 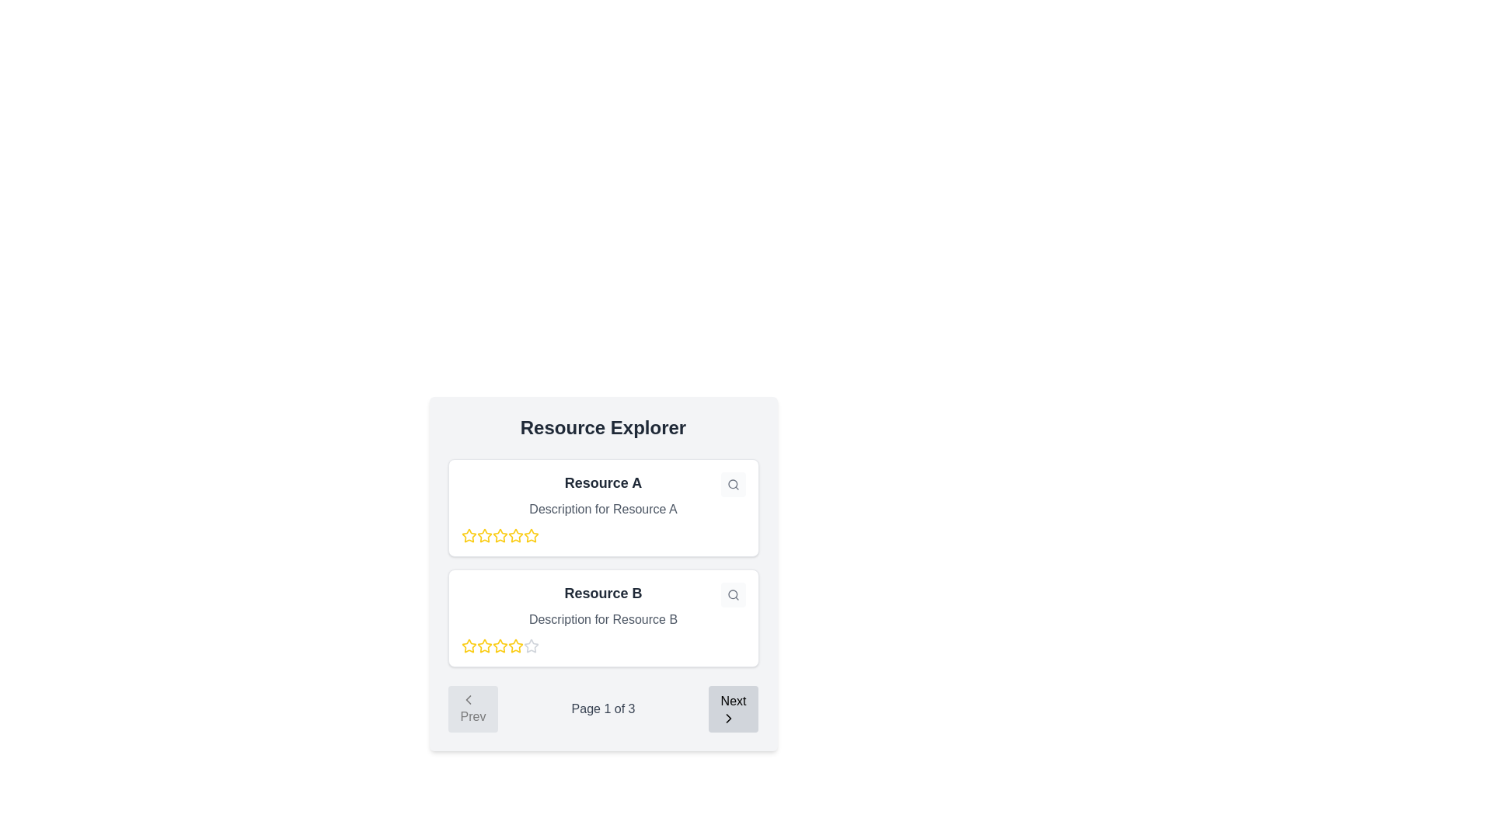 What do you see at coordinates (602, 709) in the screenshot?
I see `the static text displaying 'Page 1 of 3' that is centrally located within the pagination control bar, positioned between the 'Prev' and 'Next' buttons` at bounding box center [602, 709].